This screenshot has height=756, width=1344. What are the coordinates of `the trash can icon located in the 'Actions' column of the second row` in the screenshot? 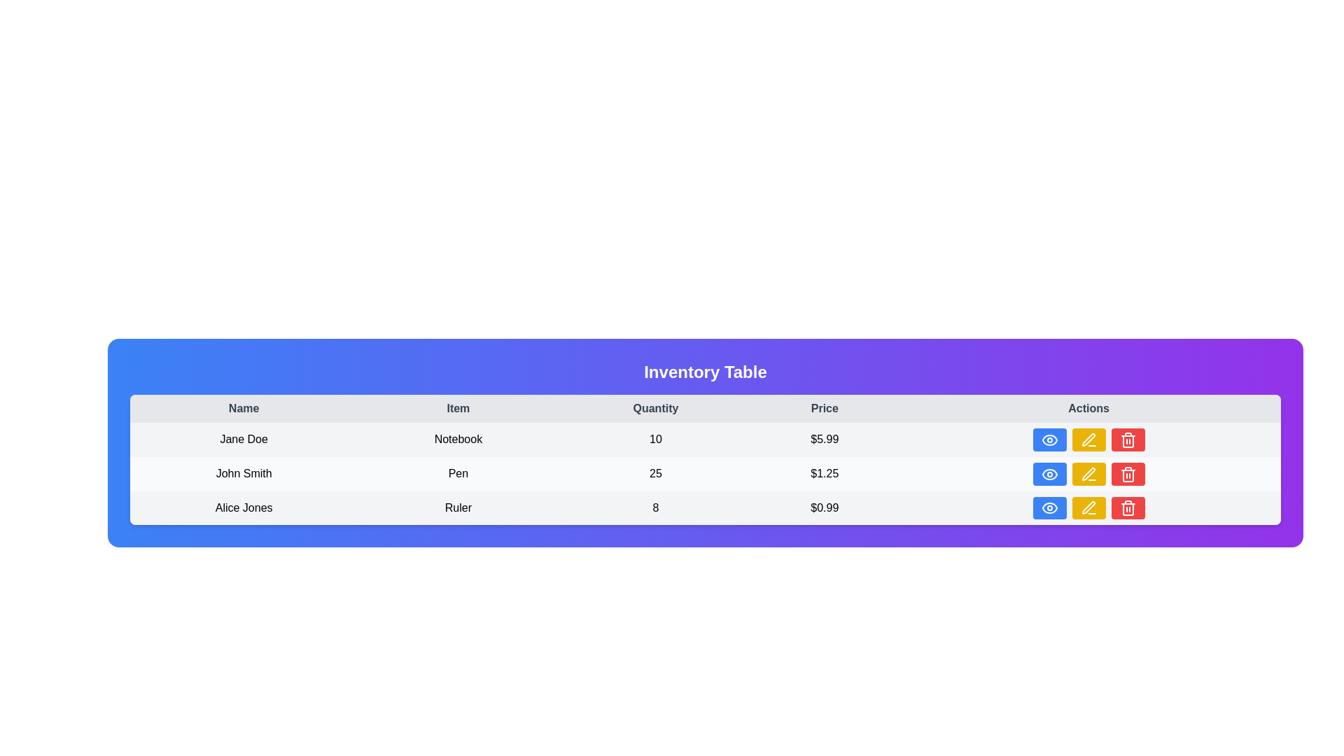 It's located at (1128, 475).